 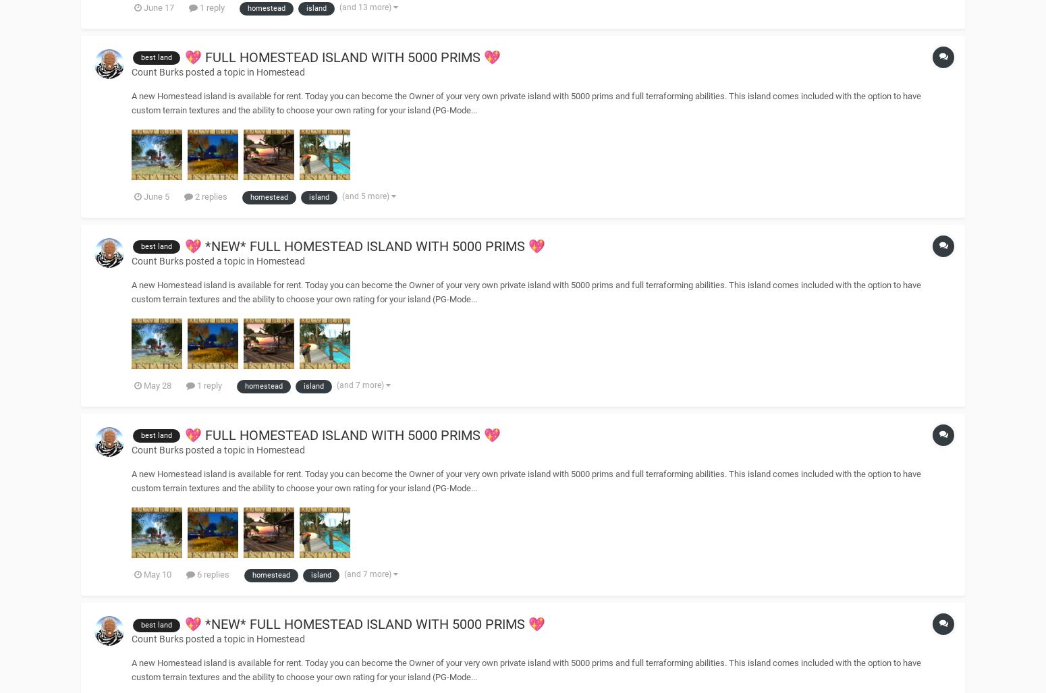 I want to click on '(and 13 more)', so click(x=365, y=6).